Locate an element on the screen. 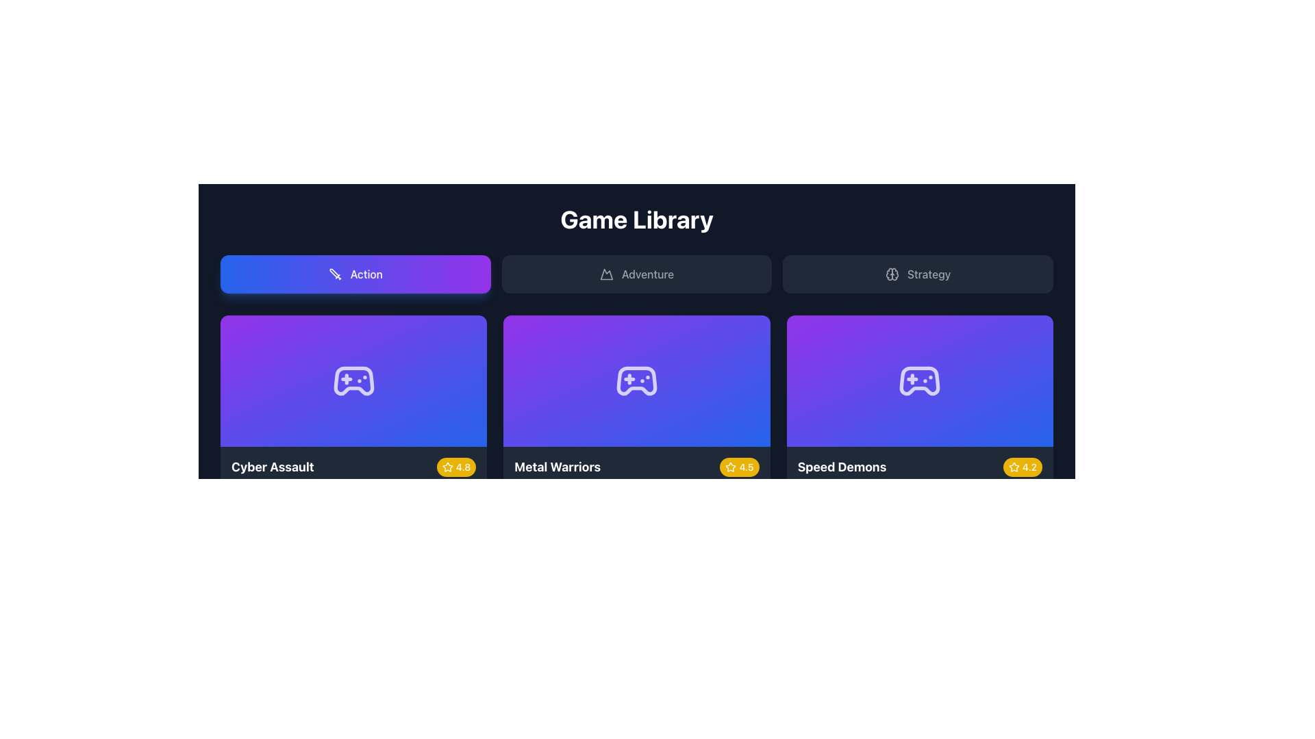 The image size is (1315, 739). the gaming controller graphic icon with a purple background located at the center of the first game card in the 'Game Library' interface under the 'Action' category is located at coordinates (353, 380).